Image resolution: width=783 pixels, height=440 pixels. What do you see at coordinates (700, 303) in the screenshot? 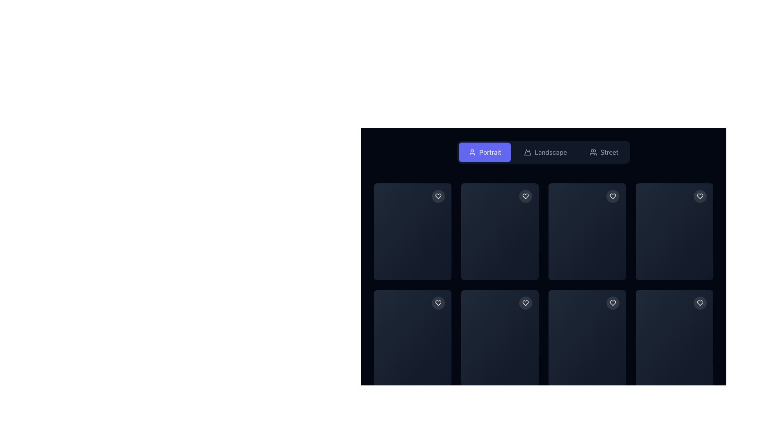
I see `the heart-shaped favorite button located at the bottom-right corner of the grid of content cards` at bounding box center [700, 303].